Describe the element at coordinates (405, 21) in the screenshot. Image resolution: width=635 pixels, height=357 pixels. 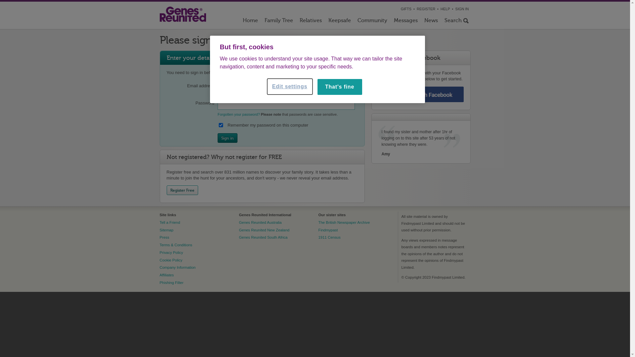
I see `'Messages'` at that location.